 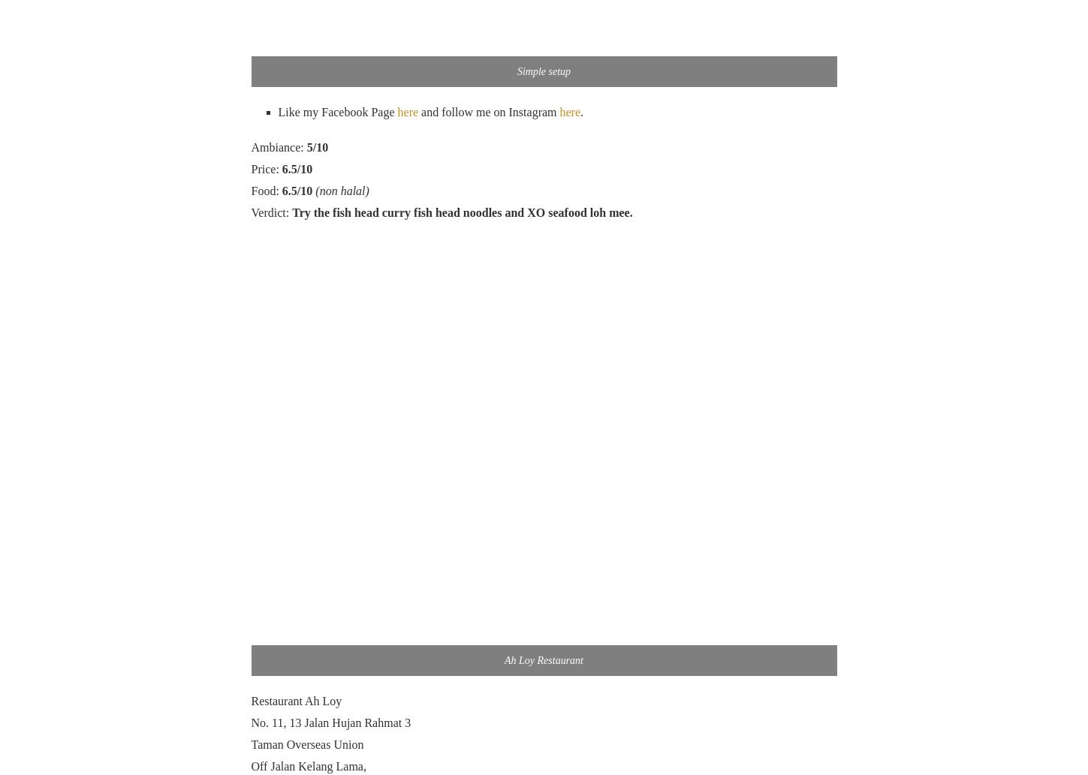 What do you see at coordinates (295, 700) in the screenshot?
I see `'Restaurant Ah Loy'` at bounding box center [295, 700].